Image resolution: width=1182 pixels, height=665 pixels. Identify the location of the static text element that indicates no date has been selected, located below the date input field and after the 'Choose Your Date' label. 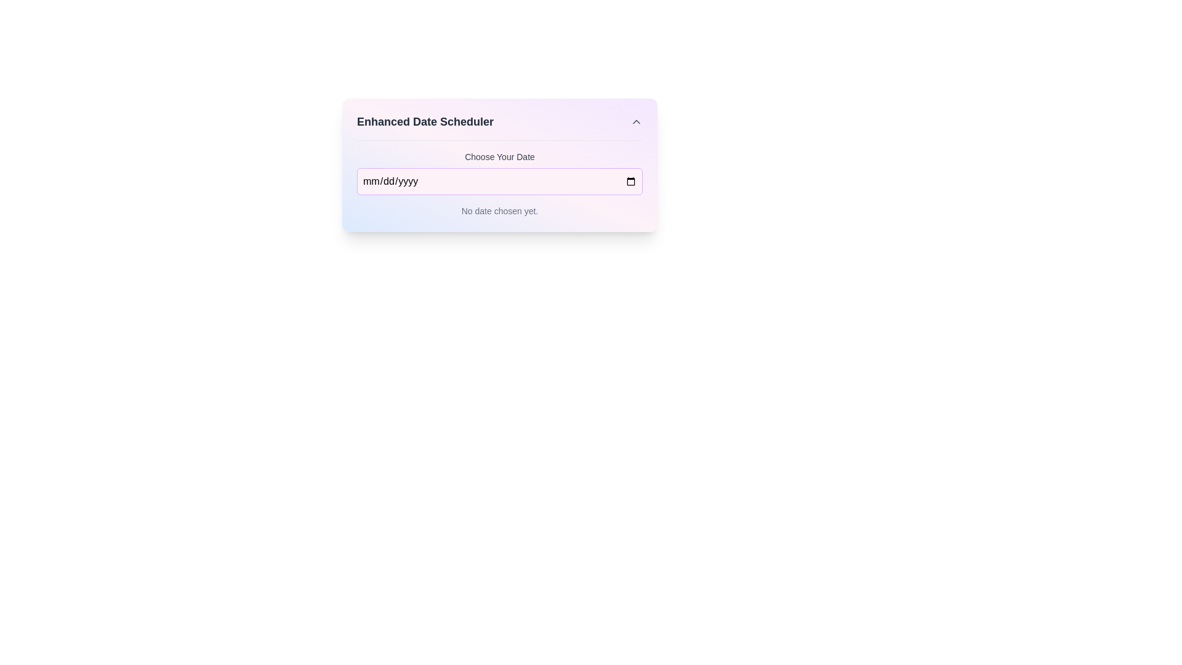
(499, 211).